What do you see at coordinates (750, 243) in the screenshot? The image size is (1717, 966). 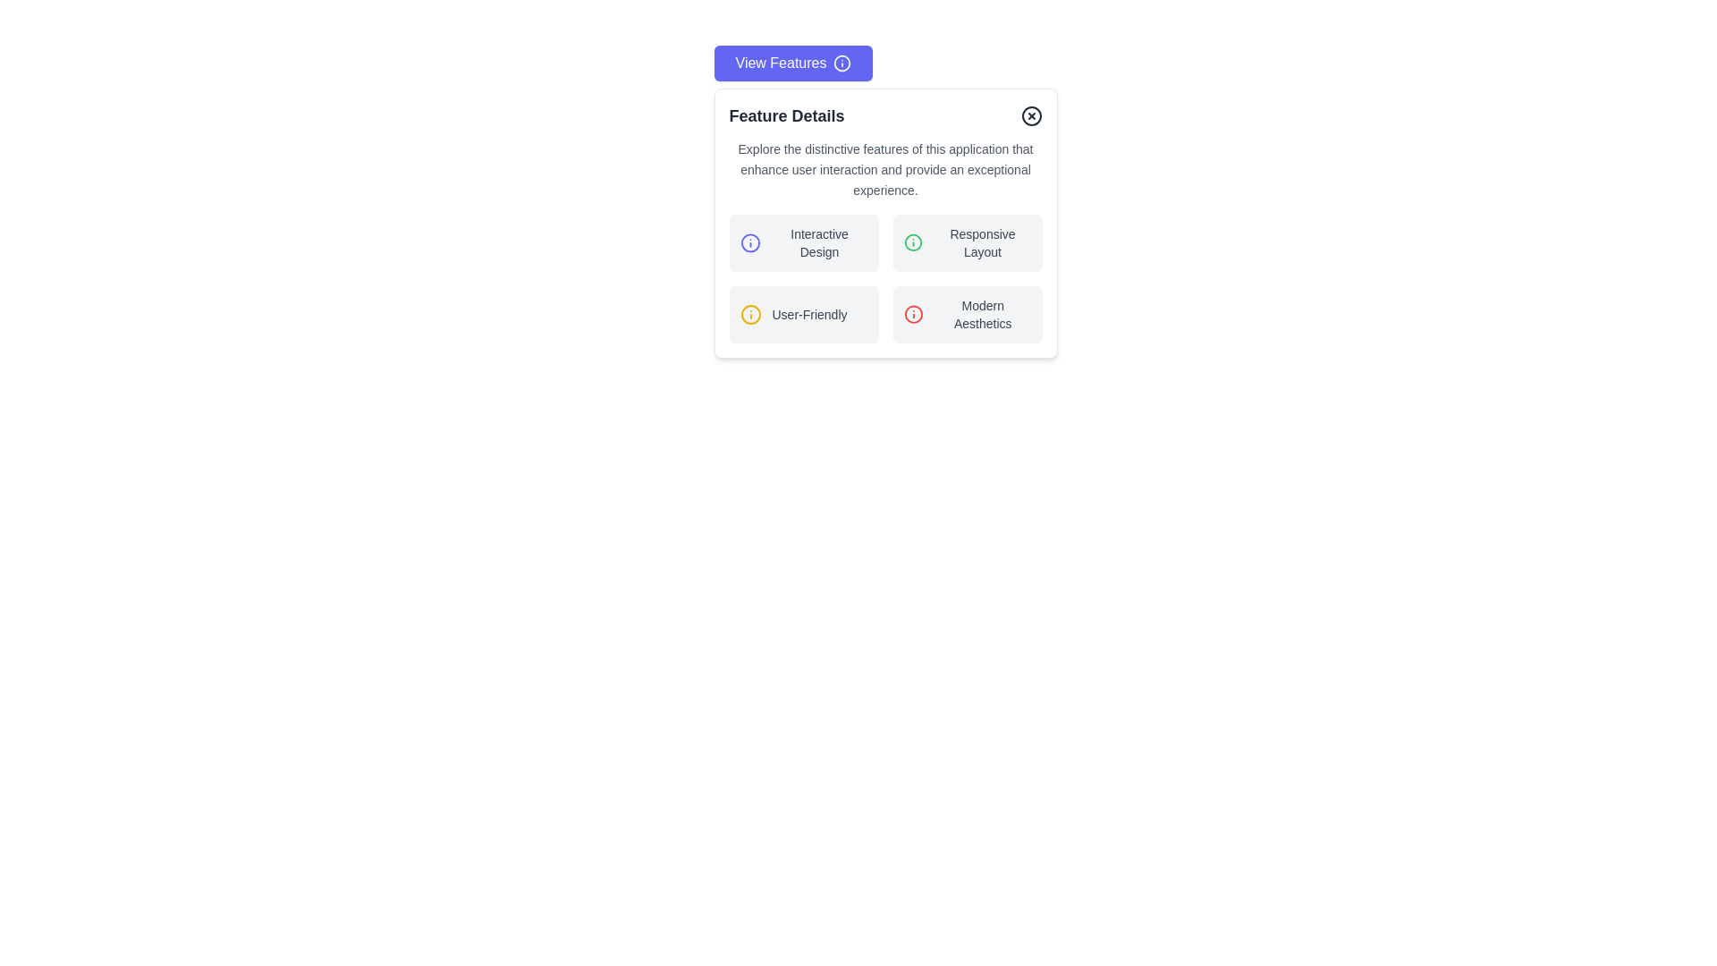 I see `the circular icon with a stroke outline located within the 'Interactive Design' button in the Feature Details section` at bounding box center [750, 243].